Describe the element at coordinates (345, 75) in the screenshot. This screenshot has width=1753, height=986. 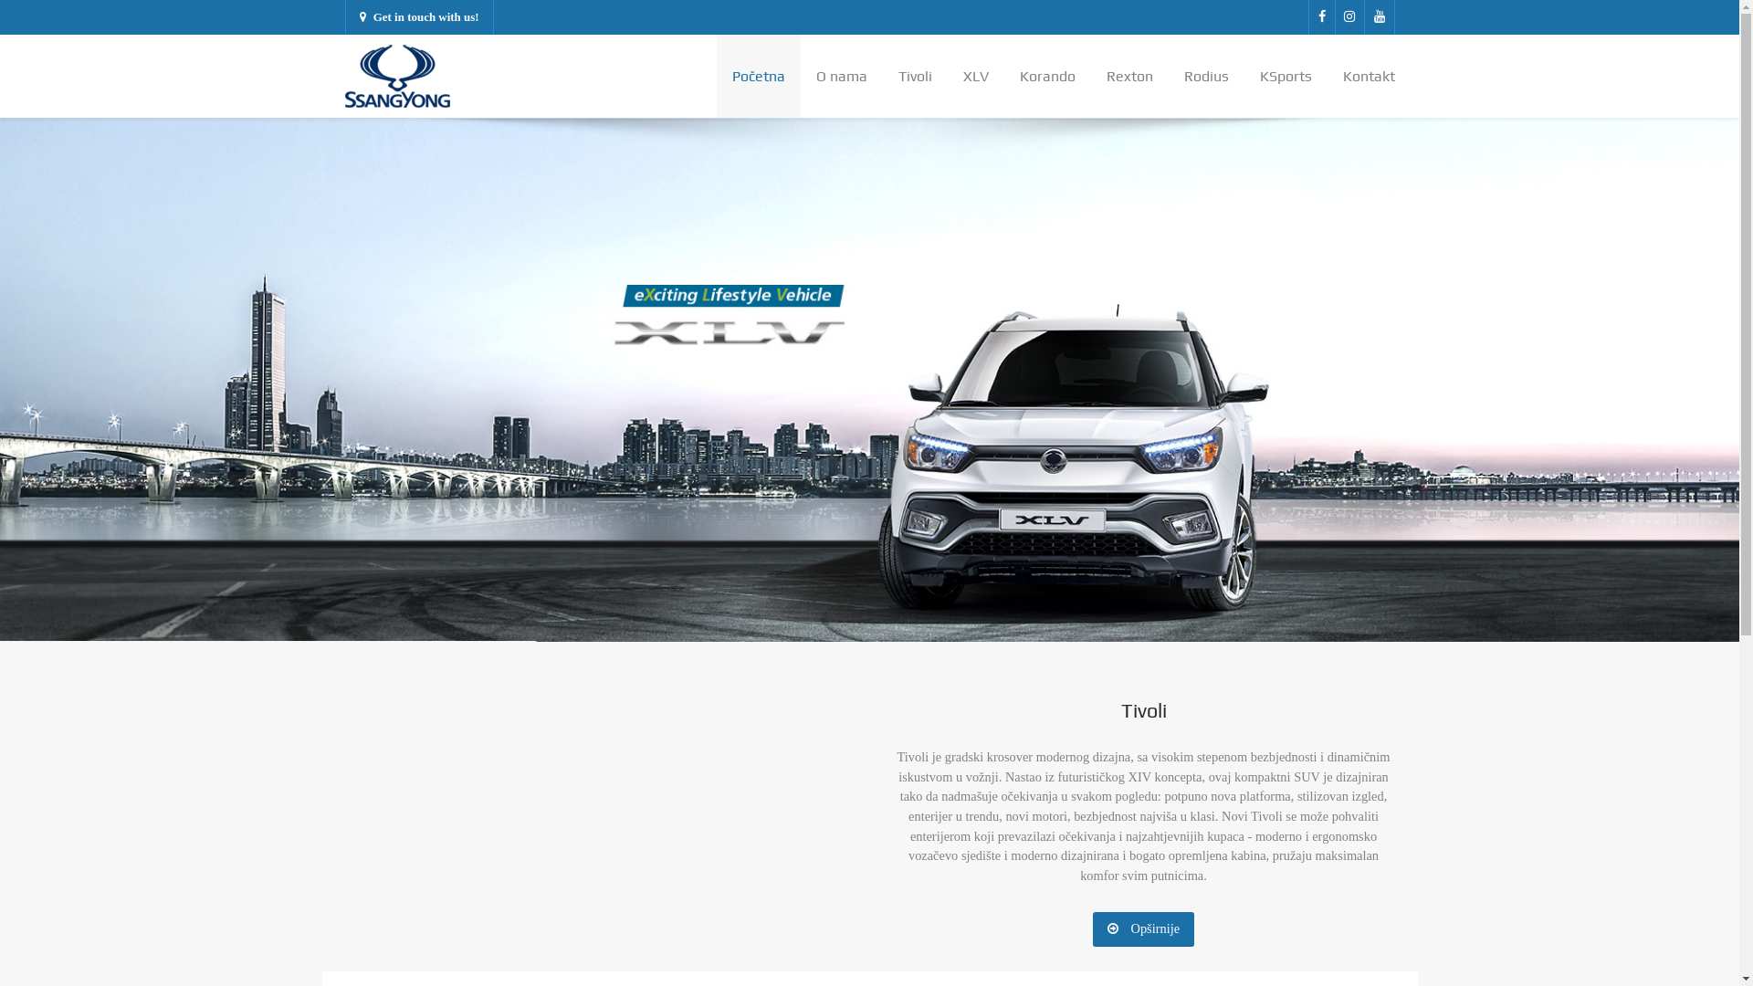
I see `'Paradise'` at that location.